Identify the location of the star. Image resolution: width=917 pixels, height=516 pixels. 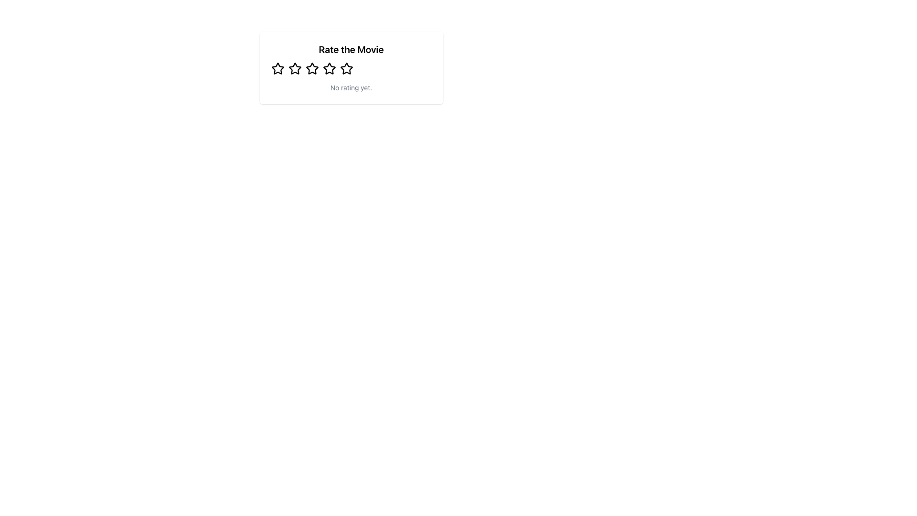
(351, 68).